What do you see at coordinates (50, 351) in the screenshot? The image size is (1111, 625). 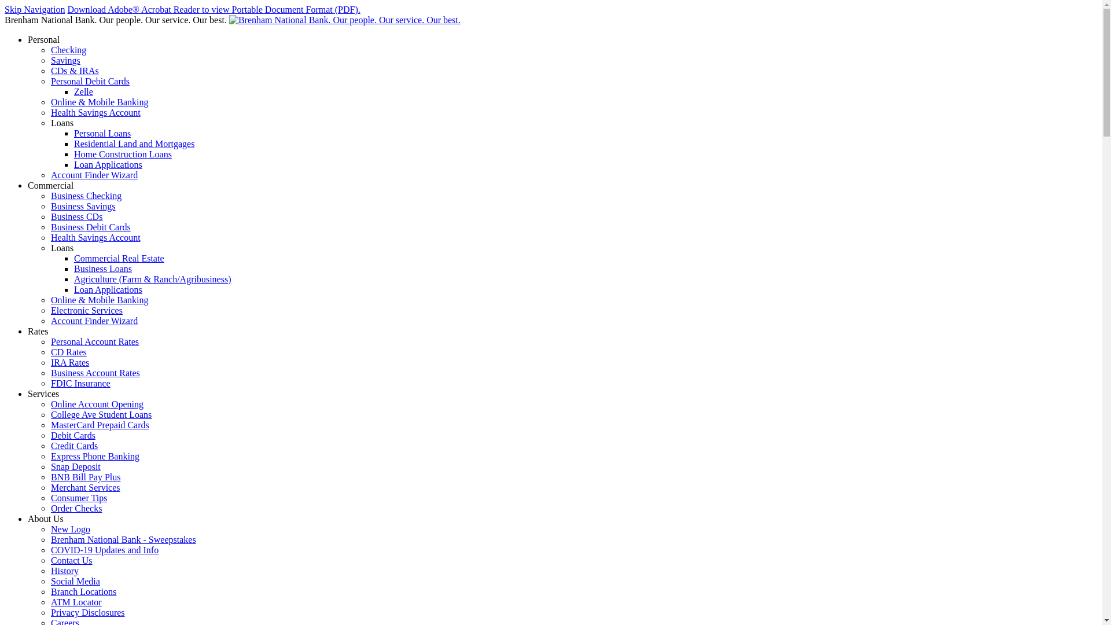 I see `'CD Rates'` at bounding box center [50, 351].